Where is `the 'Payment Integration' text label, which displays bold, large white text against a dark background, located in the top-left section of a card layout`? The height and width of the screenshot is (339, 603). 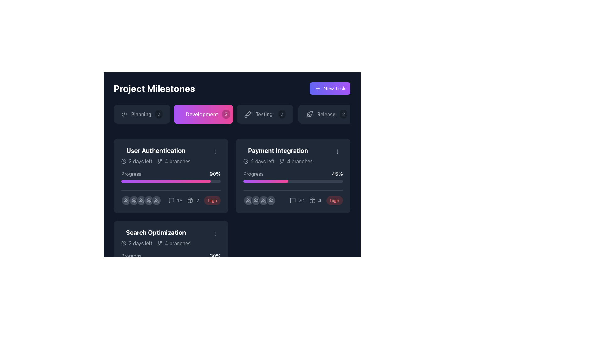
the 'Payment Integration' text label, which displays bold, large white text against a dark background, located in the top-left section of a card layout is located at coordinates (278, 150).